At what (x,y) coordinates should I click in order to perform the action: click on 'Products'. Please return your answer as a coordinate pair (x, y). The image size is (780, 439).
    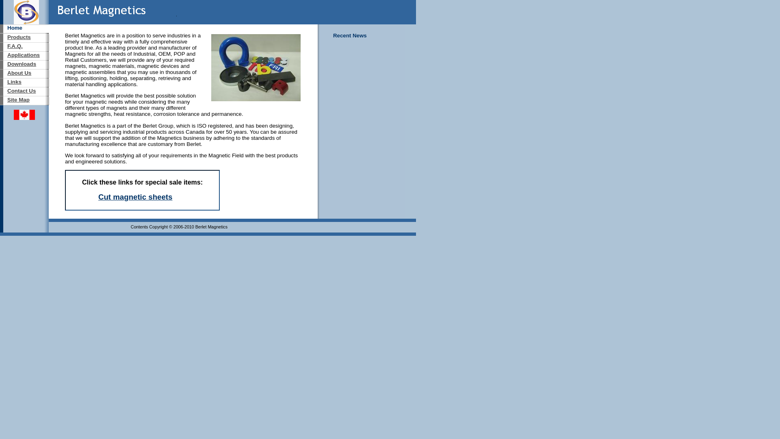
    Looking at the image, I should click on (19, 37).